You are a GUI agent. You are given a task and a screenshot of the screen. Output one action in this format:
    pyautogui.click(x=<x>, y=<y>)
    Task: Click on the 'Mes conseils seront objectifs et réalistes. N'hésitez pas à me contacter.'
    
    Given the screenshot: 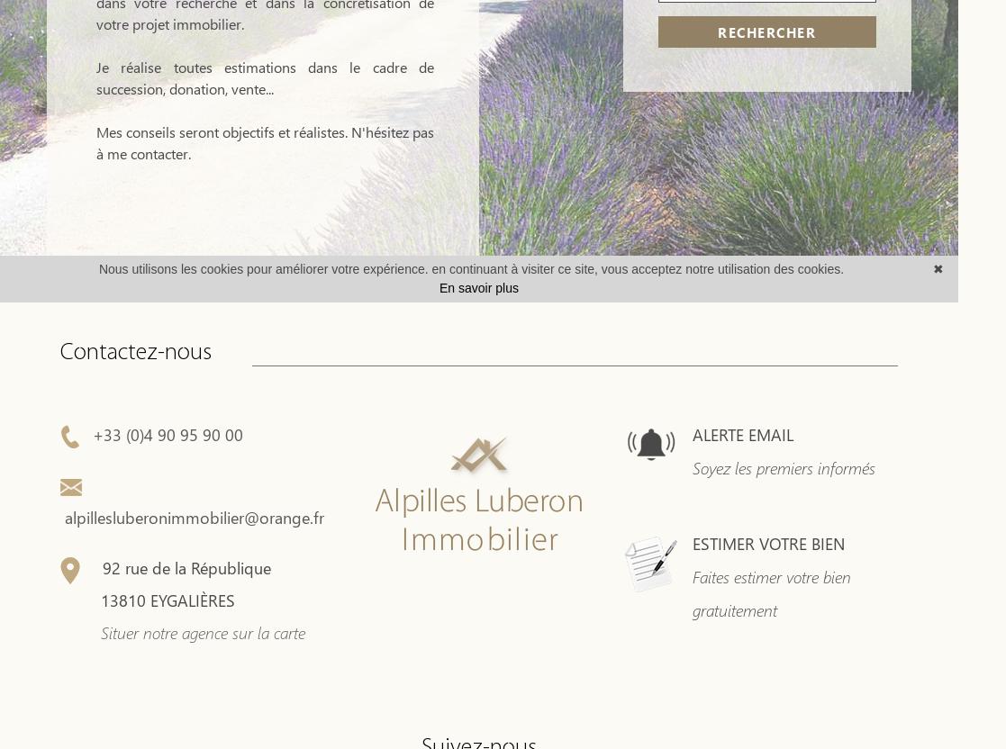 What is the action you would take?
    pyautogui.click(x=264, y=141)
    